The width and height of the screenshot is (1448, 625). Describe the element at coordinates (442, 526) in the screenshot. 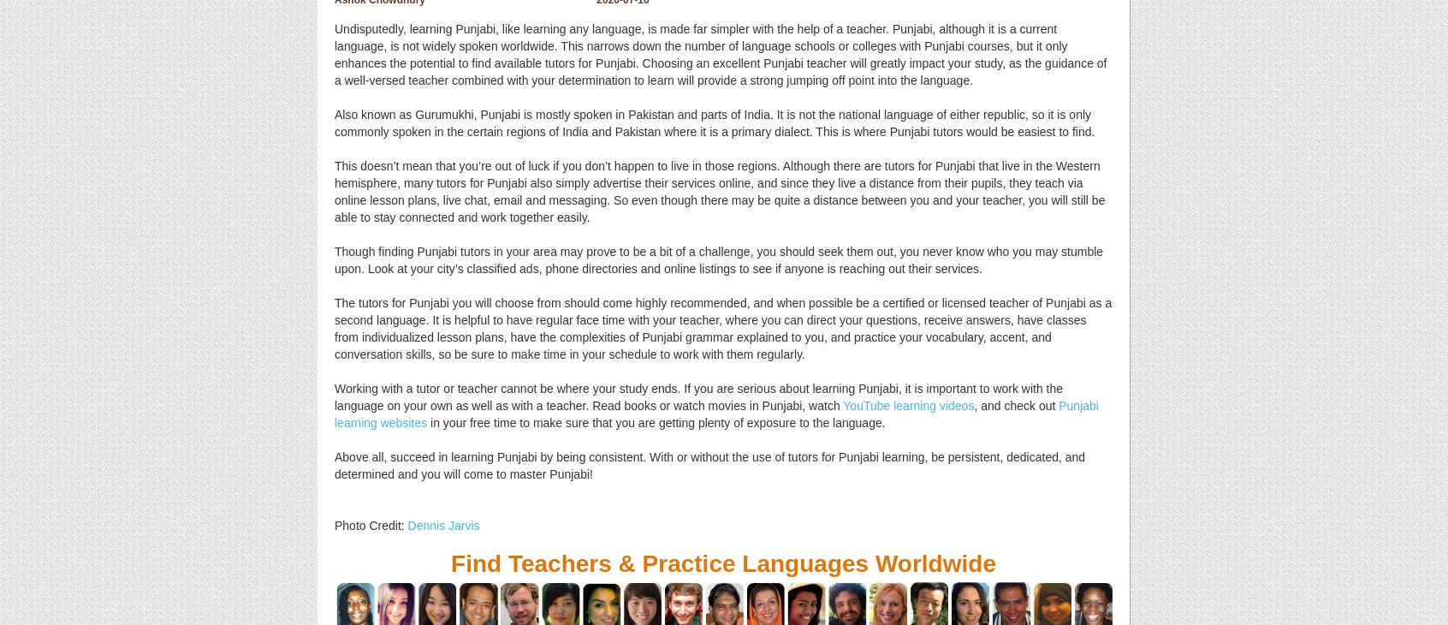

I see `'Dennis Jarvis'` at that location.